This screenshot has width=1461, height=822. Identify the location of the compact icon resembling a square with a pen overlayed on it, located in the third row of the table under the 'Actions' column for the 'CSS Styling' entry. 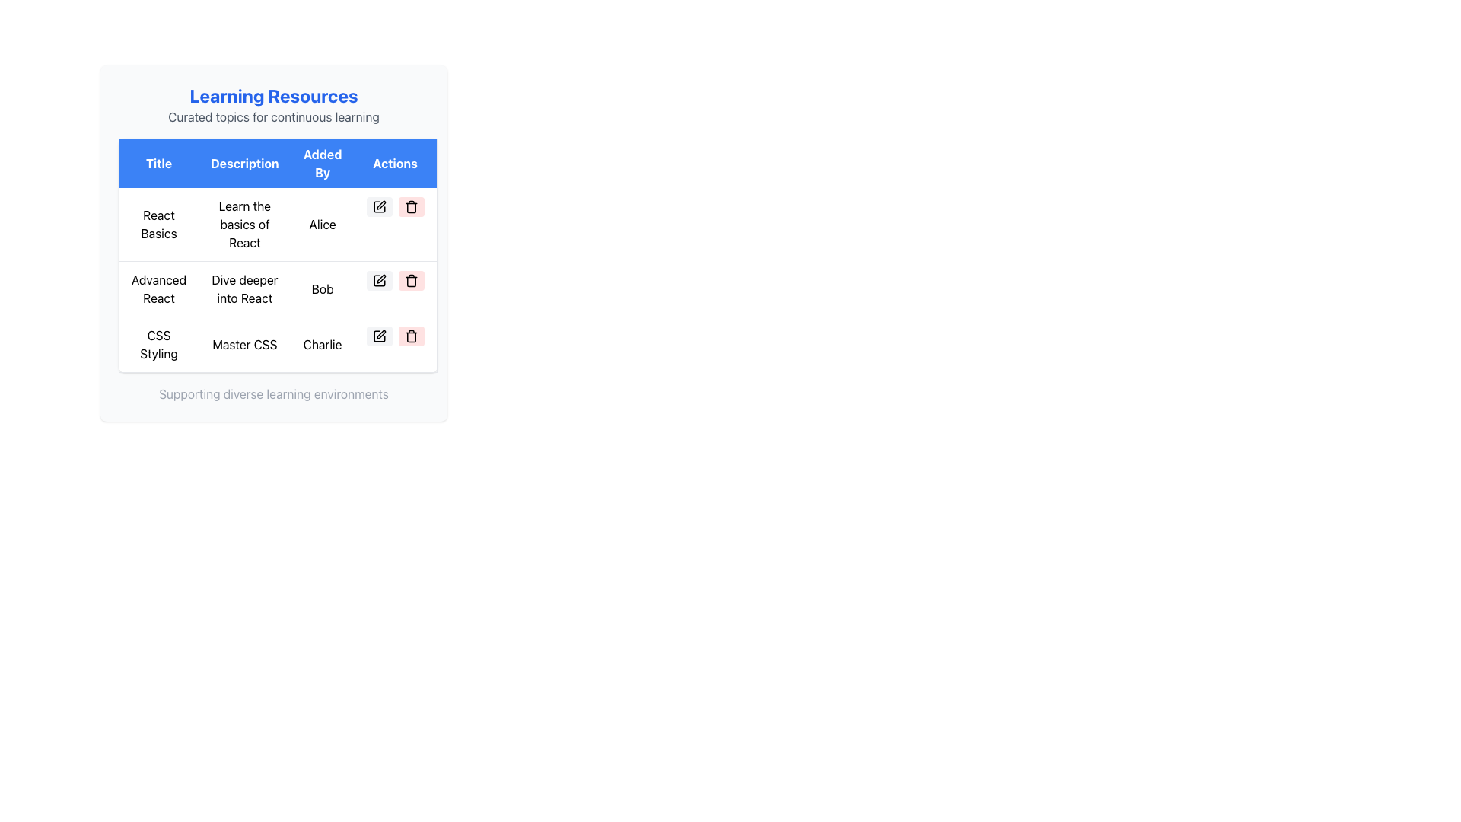
(379, 336).